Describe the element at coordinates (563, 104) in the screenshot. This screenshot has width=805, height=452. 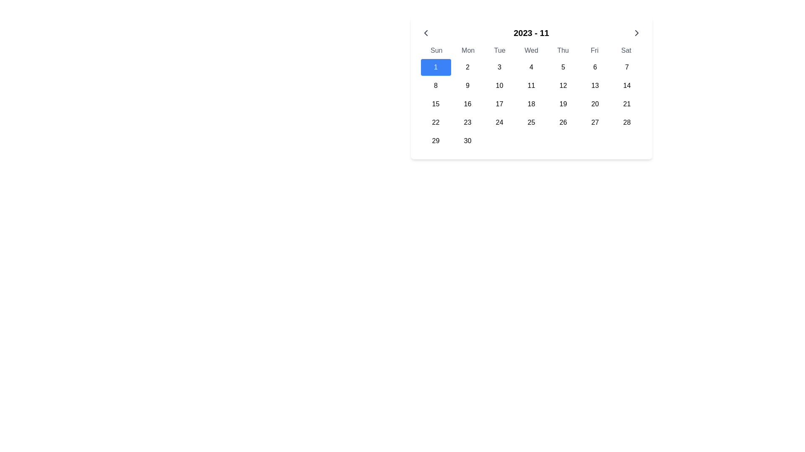
I see `the calendar day cell displaying '19'` at that location.